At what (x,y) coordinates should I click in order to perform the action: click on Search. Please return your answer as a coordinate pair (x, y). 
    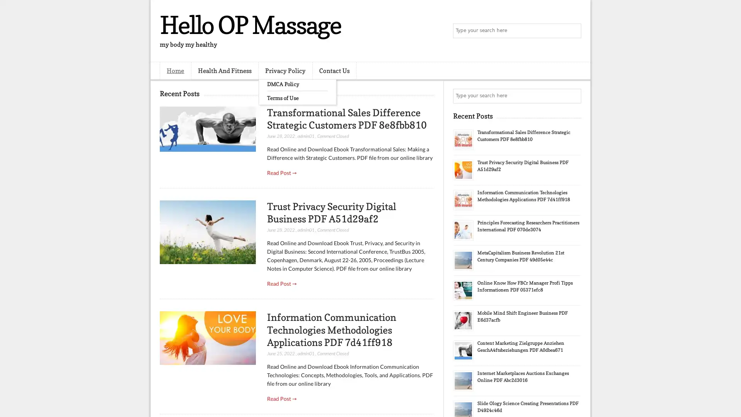
    Looking at the image, I should click on (573, 31).